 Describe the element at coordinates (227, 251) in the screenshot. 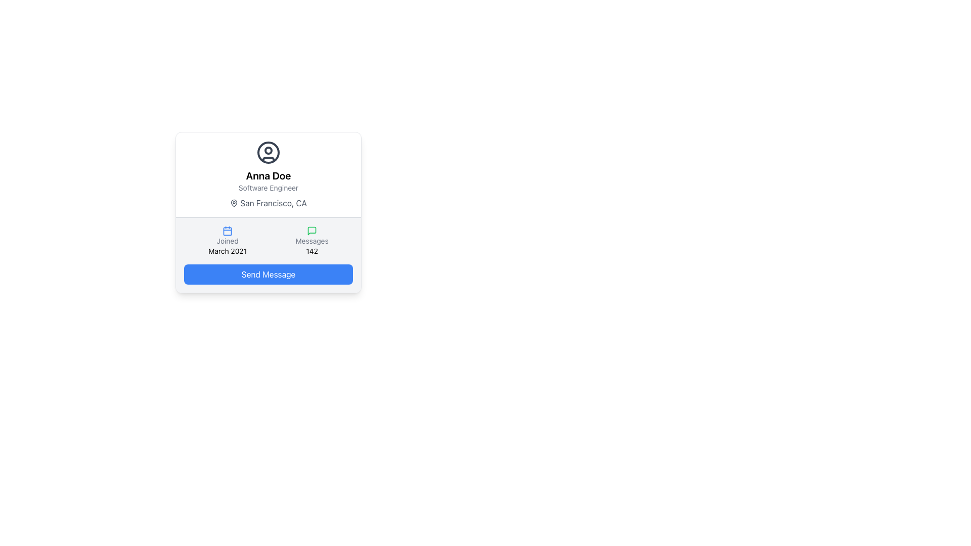

I see `the text label displaying 'March 2021', which is located beneath the word 'Joined' and is part of a section with a calendar icon` at that location.